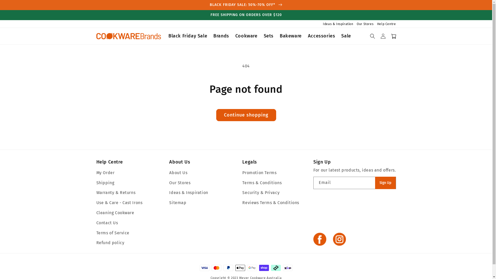  What do you see at coordinates (259, 173) in the screenshot?
I see `'Promotion Terms'` at bounding box center [259, 173].